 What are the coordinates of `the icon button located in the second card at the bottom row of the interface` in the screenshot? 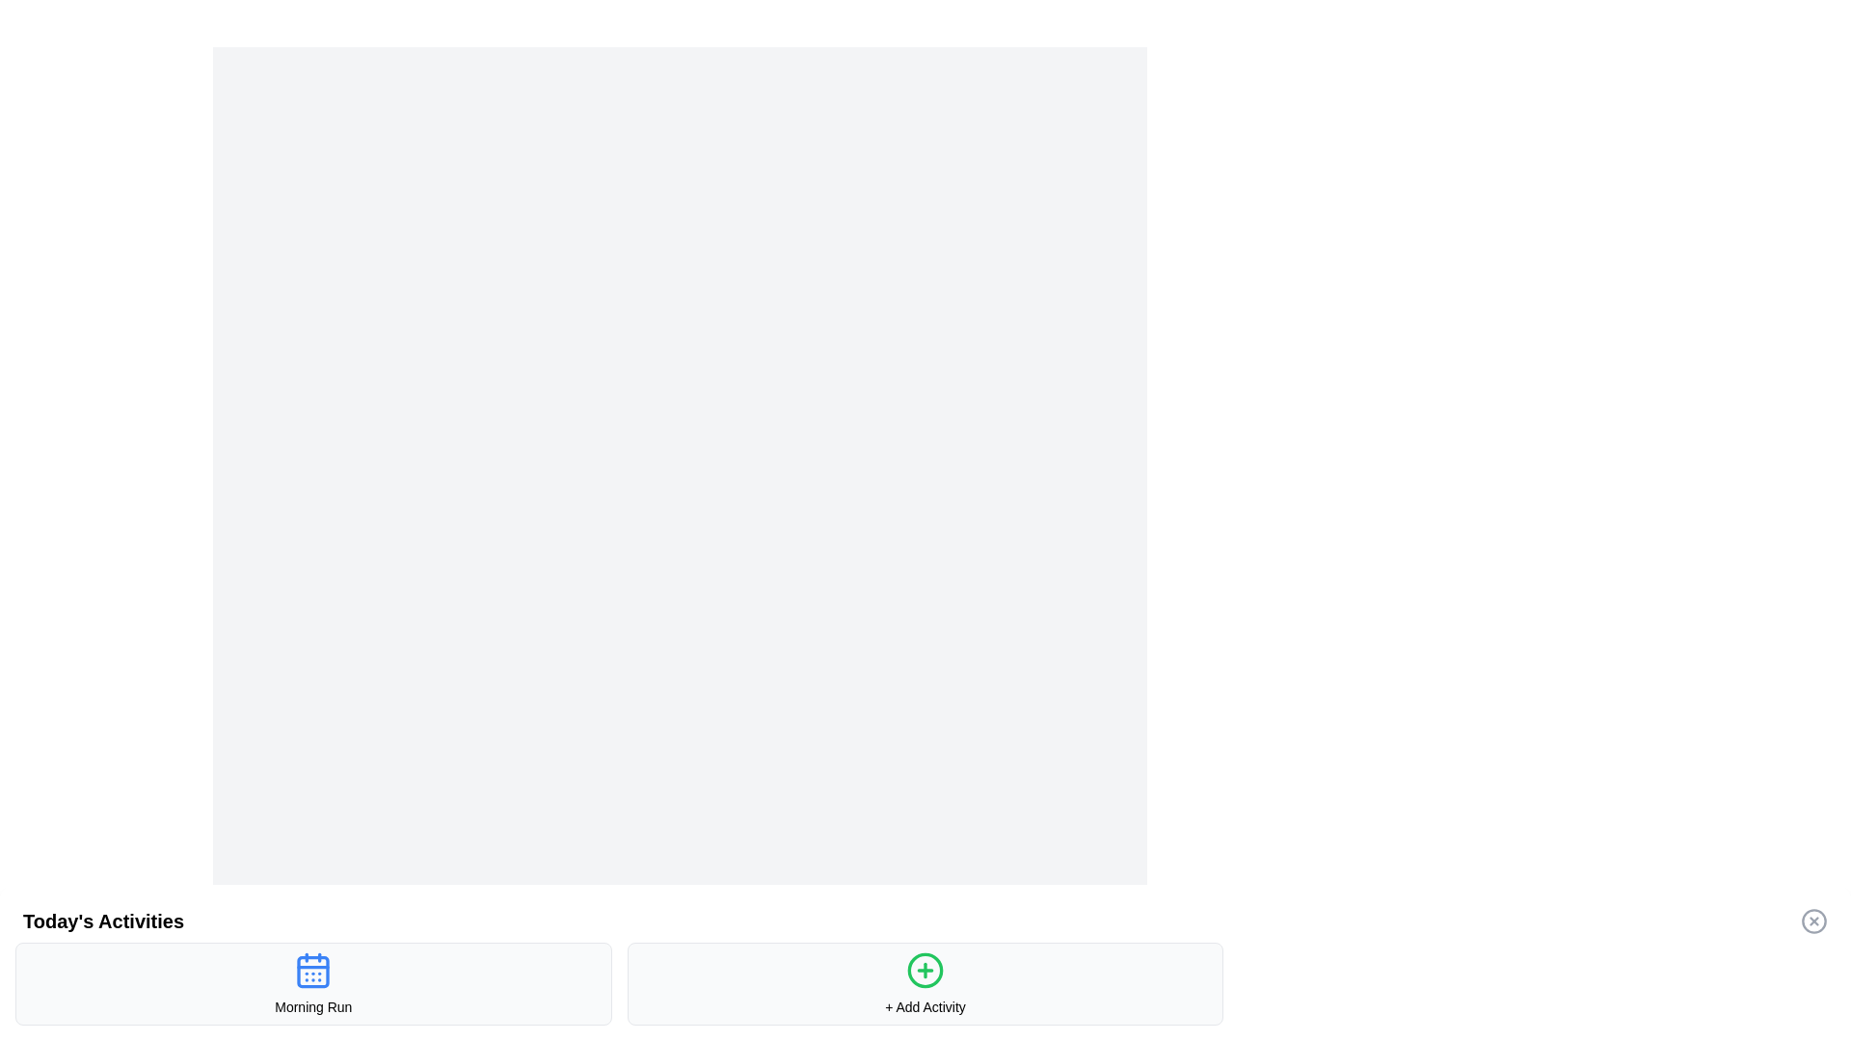 It's located at (925, 970).